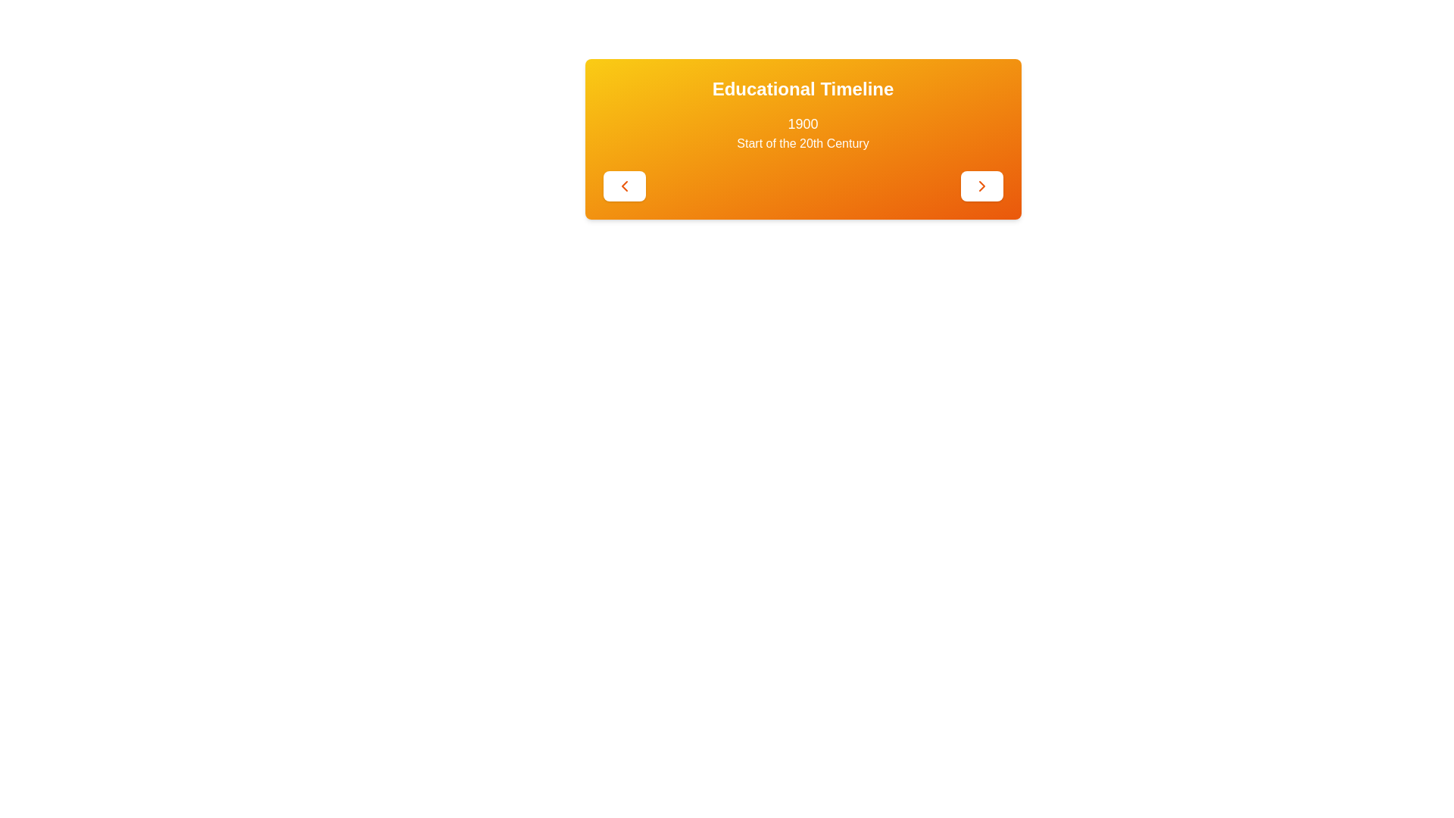 The image size is (1454, 818). Describe the element at coordinates (802, 123) in the screenshot. I see `the text label indicating a specific year, which is located above the text 'Start of the 20th Century' and below the heading 'Educational Timeline'` at that location.